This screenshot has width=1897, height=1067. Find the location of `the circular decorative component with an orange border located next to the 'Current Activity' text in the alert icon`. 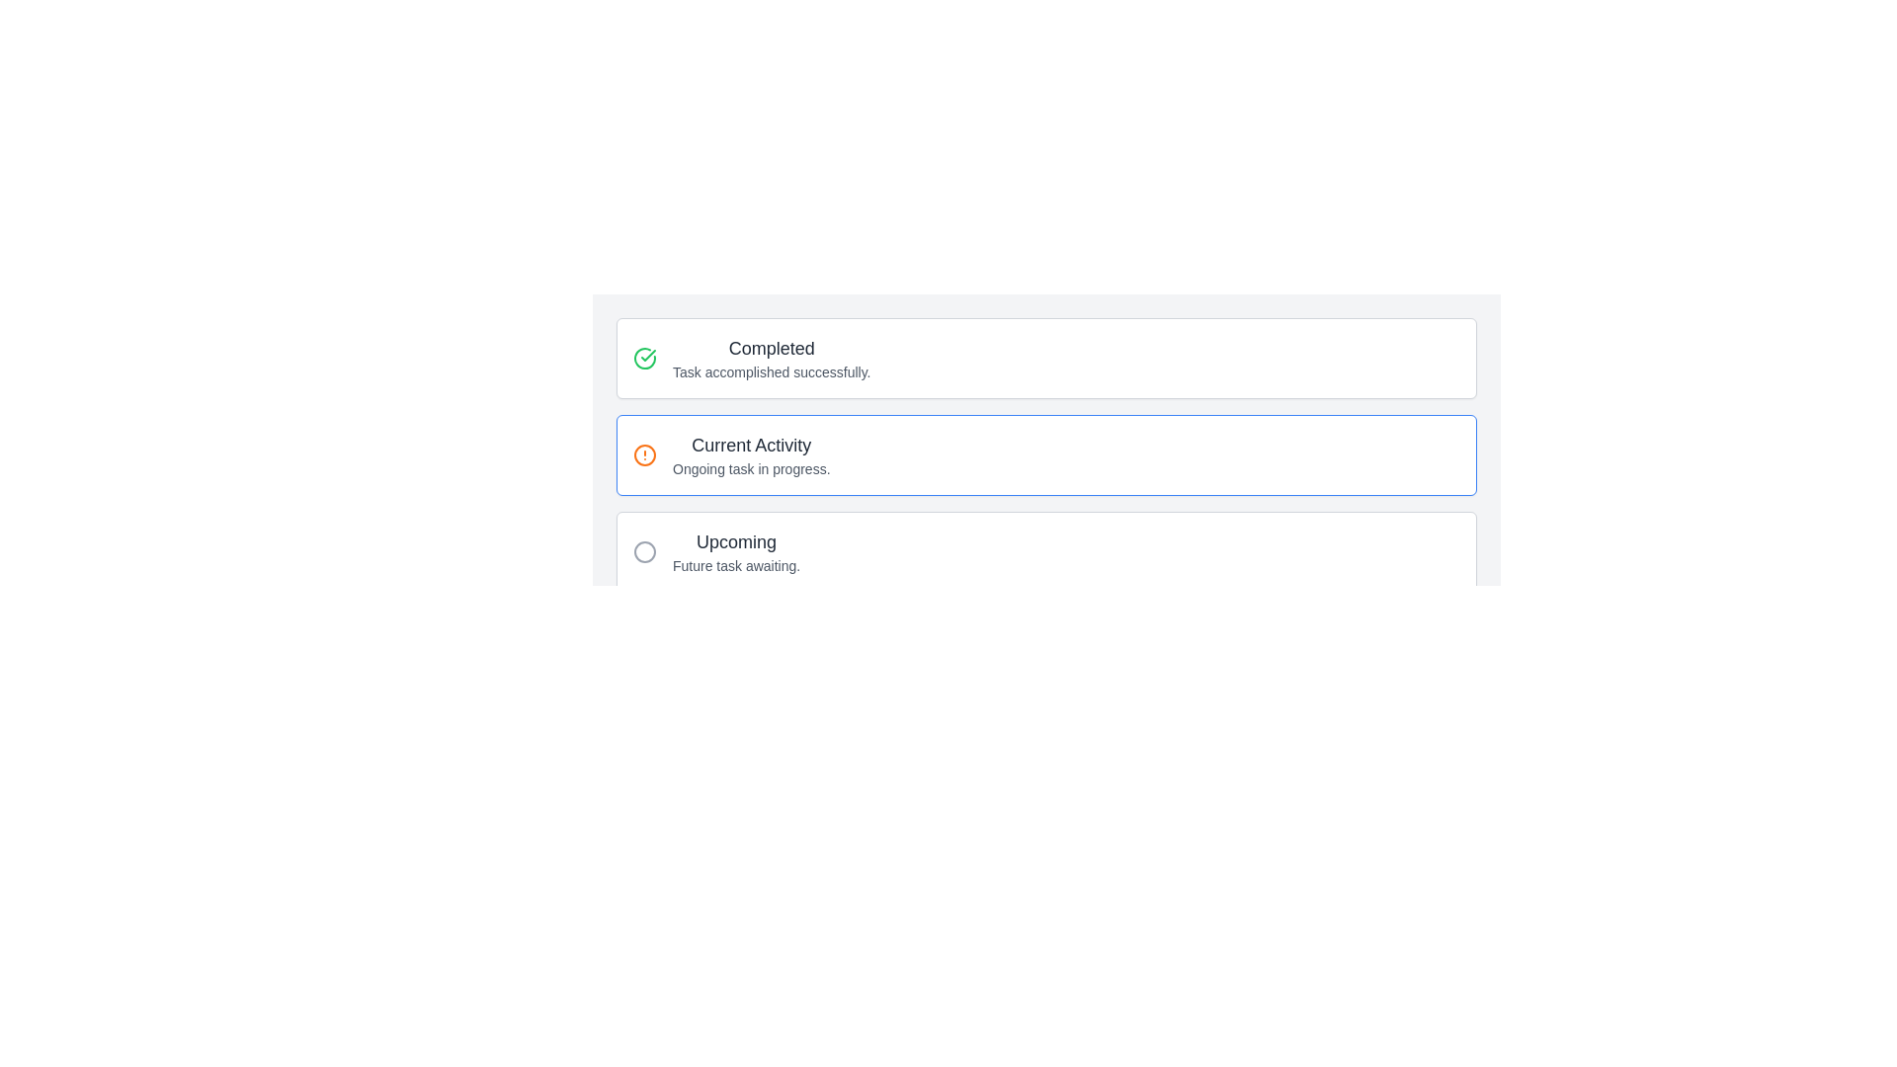

the circular decorative component with an orange border located next to the 'Current Activity' text in the alert icon is located at coordinates (644, 455).